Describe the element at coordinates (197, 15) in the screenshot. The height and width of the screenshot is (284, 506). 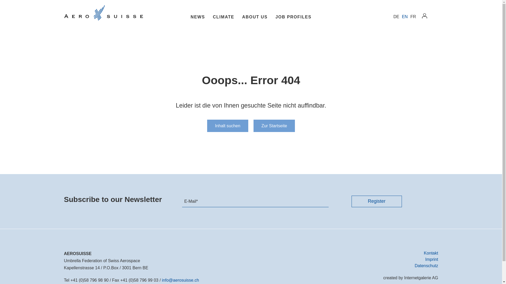
I see `'NEWS'` at that location.